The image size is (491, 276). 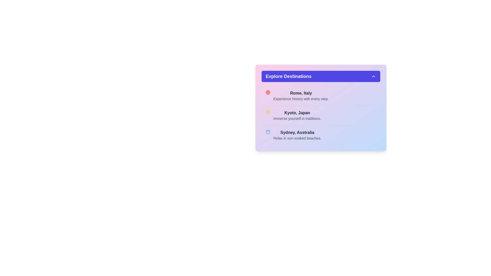 What do you see at coordinates (297, 138) in the screenshot?
I see `the static text description providing information about 'Sydney, Australia', located in the third section of the 'Explore Destinations' panel` at bounding box center [297, 138].